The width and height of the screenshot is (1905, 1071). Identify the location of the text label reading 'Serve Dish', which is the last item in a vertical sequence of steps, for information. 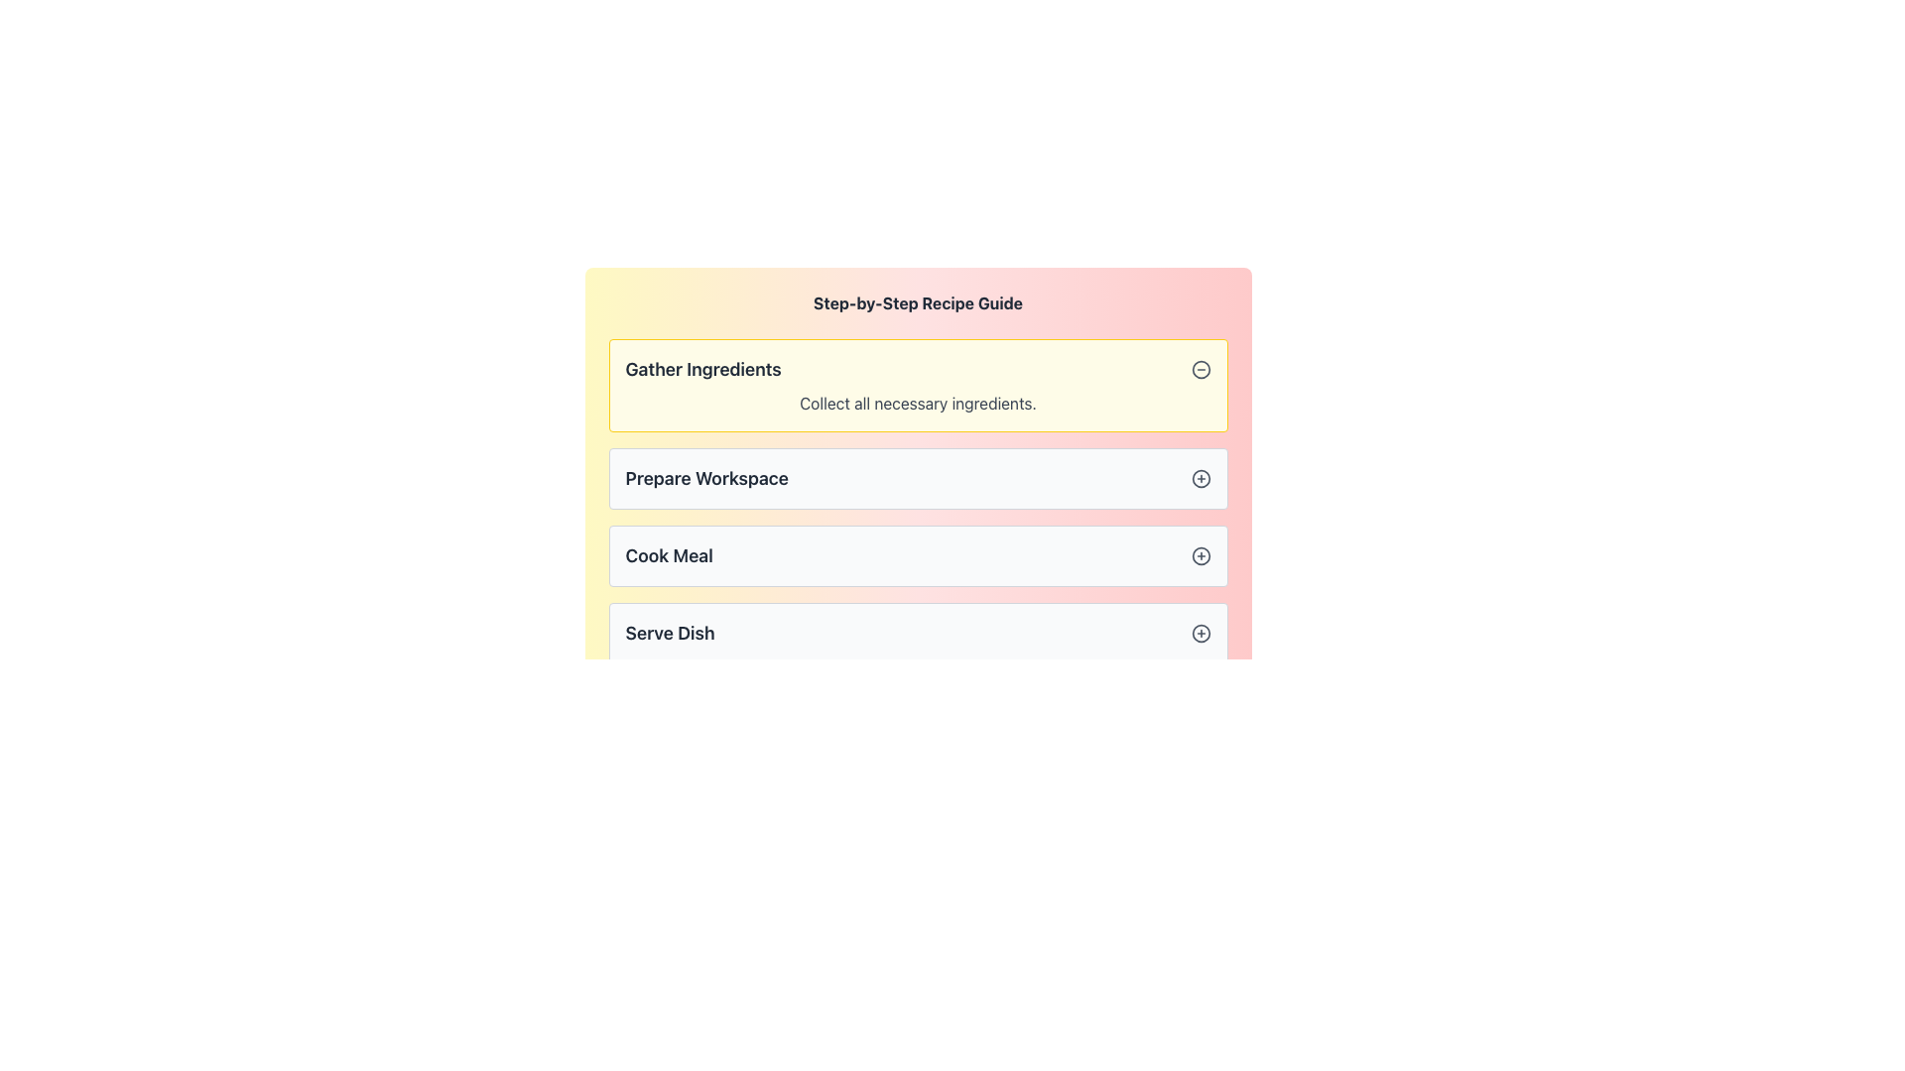
(670, 634).